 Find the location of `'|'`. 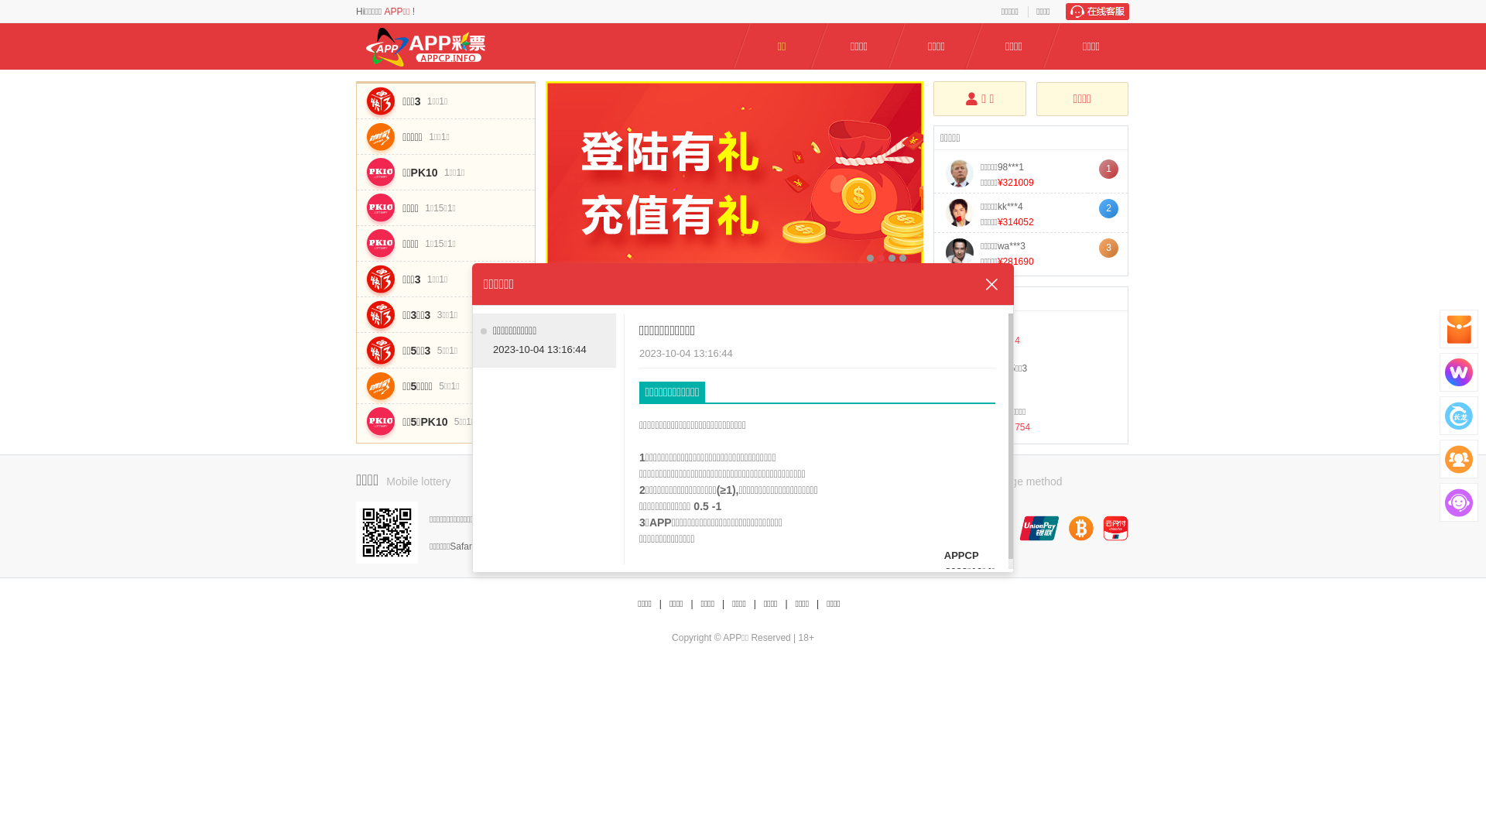

'|' is located at coordinates (786, 603).